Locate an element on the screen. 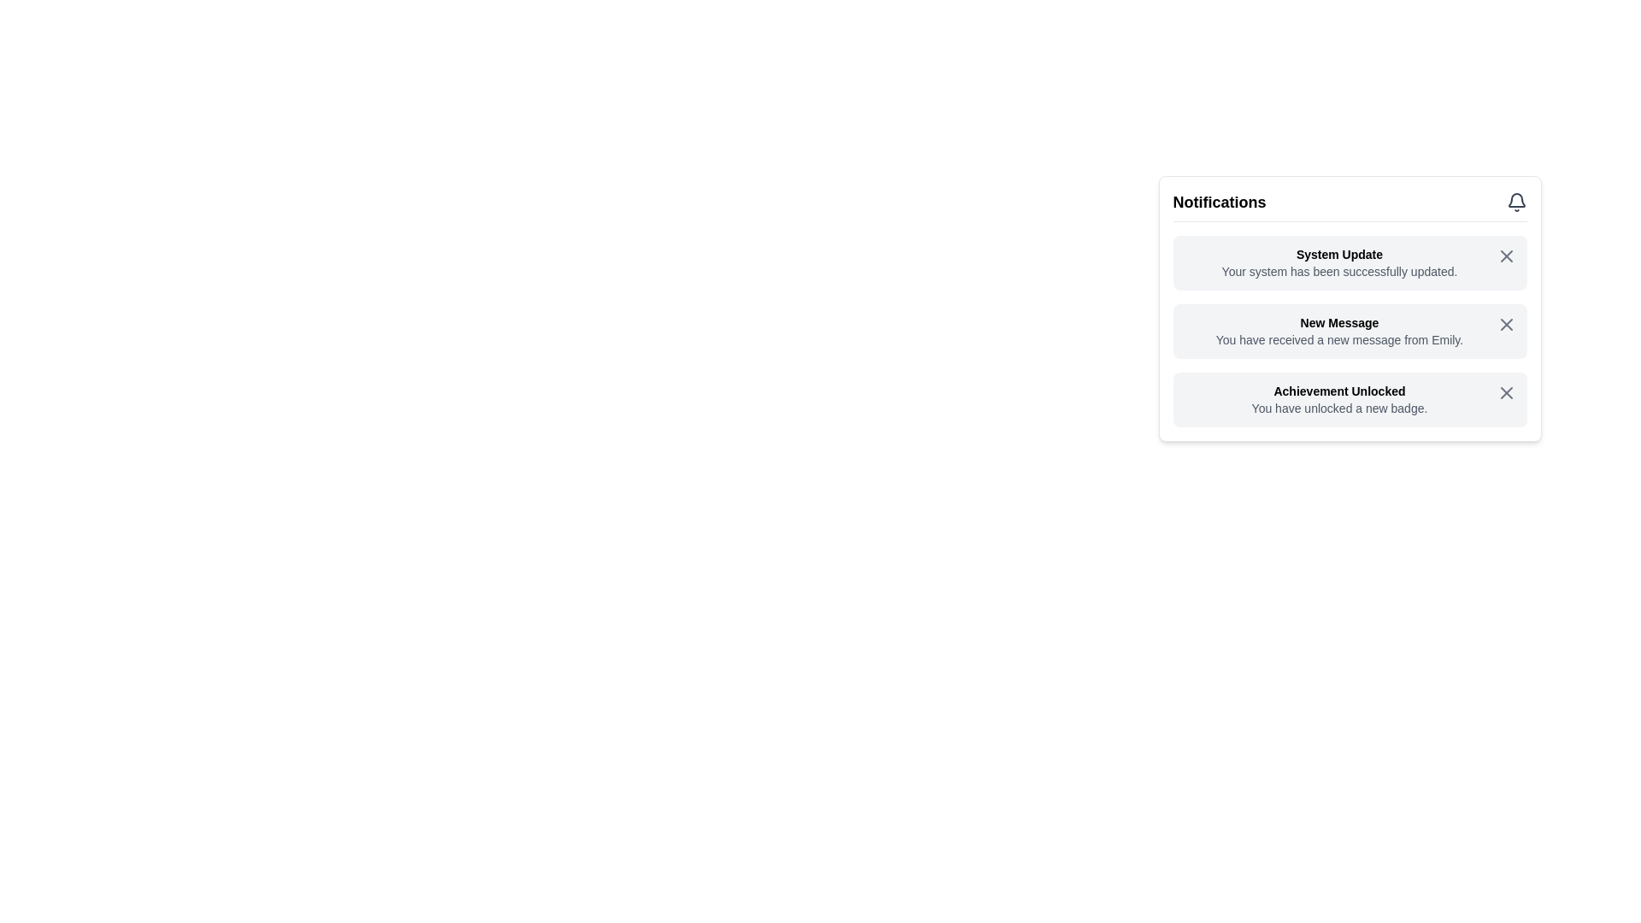 The height and width of the screenshot is (923, 1641). the bell icon is located at coordinates (1516, 201).